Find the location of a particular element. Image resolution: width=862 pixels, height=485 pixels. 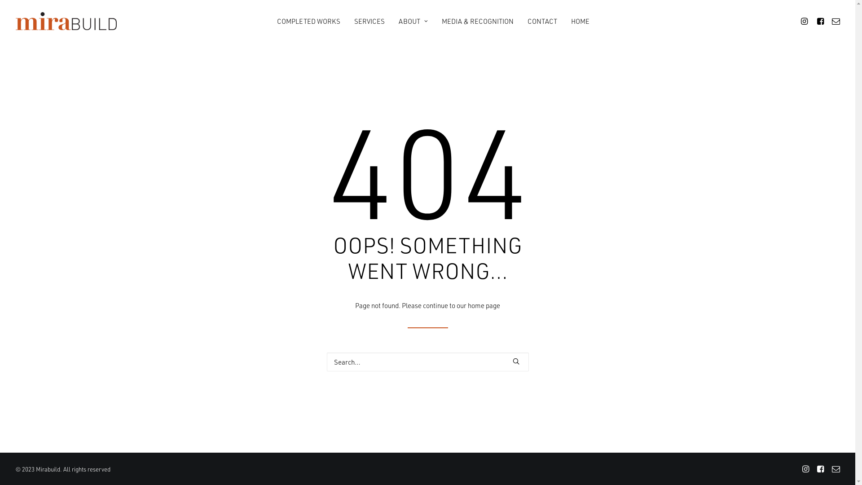

'SERVICES' is located at coordinates (369, 20).